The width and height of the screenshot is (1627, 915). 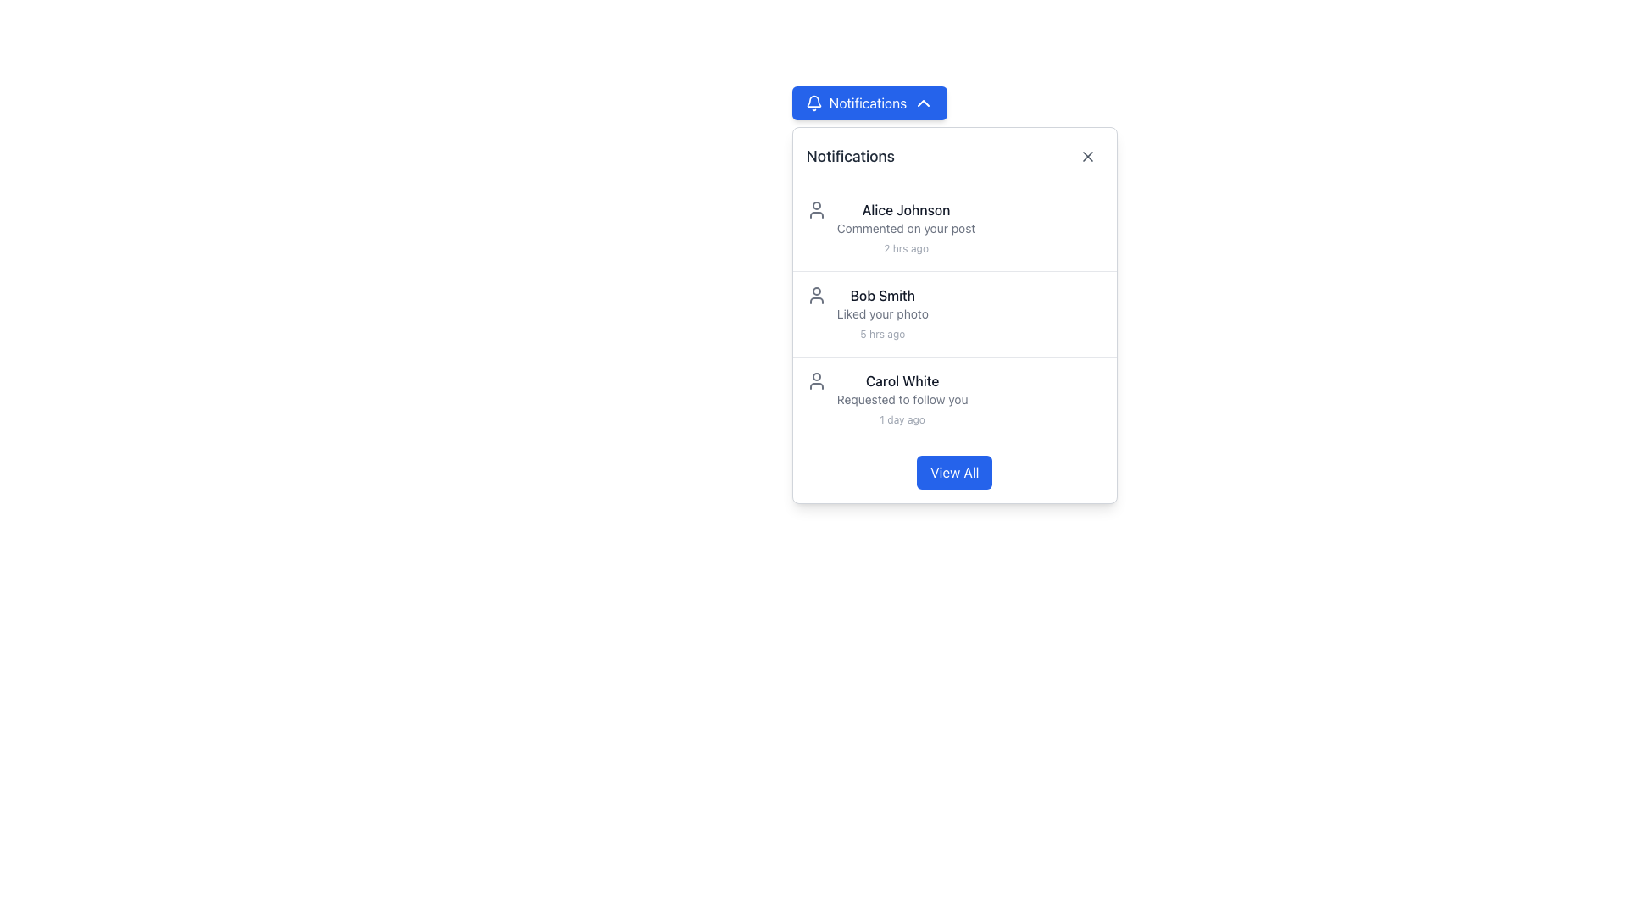 I want to click on the 'View All' button, which is a prominent blue button with rounded corners located in the notification dropdown panel, so click(x=954, y=473).